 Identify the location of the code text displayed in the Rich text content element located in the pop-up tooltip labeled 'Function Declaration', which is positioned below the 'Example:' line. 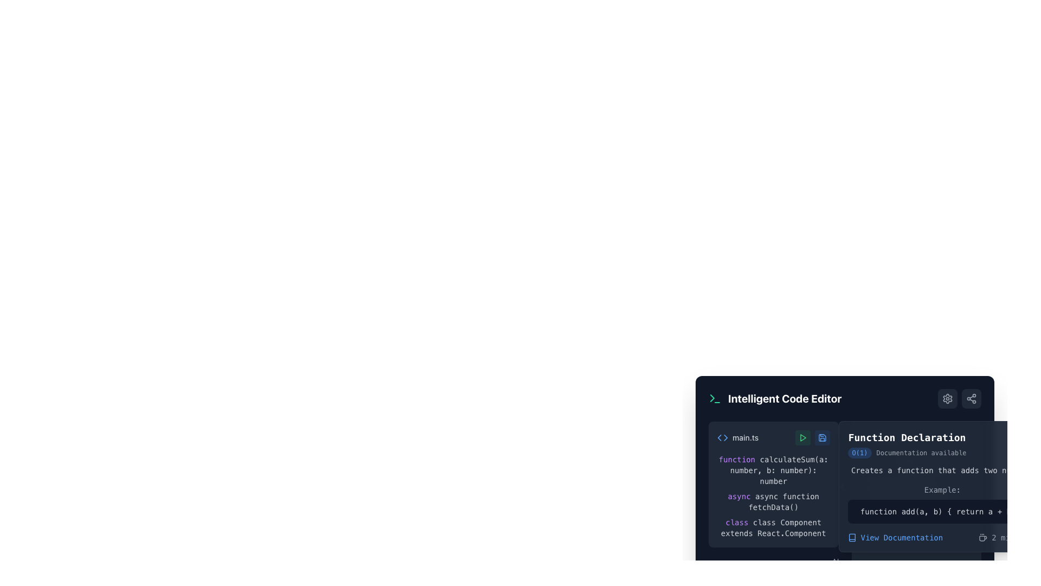
(942, 504).